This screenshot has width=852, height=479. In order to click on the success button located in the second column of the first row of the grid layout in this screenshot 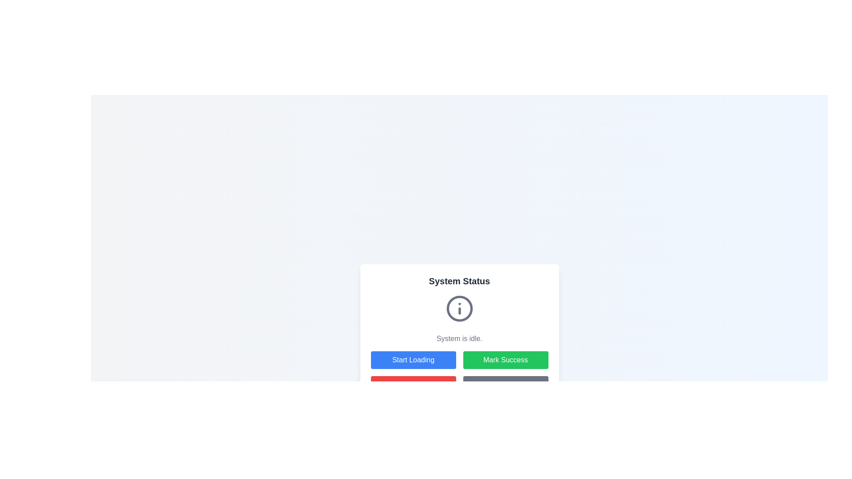, I will do `click(505, 360)`.